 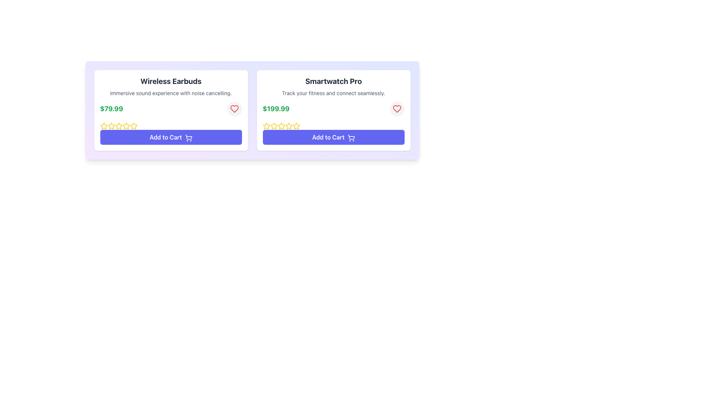 What do you see at coordinates (170, 81) in the screenshot?
I see `the static text element that displays the product title in the product card with a white background and rounded corners` at bounding box center [170, 81].